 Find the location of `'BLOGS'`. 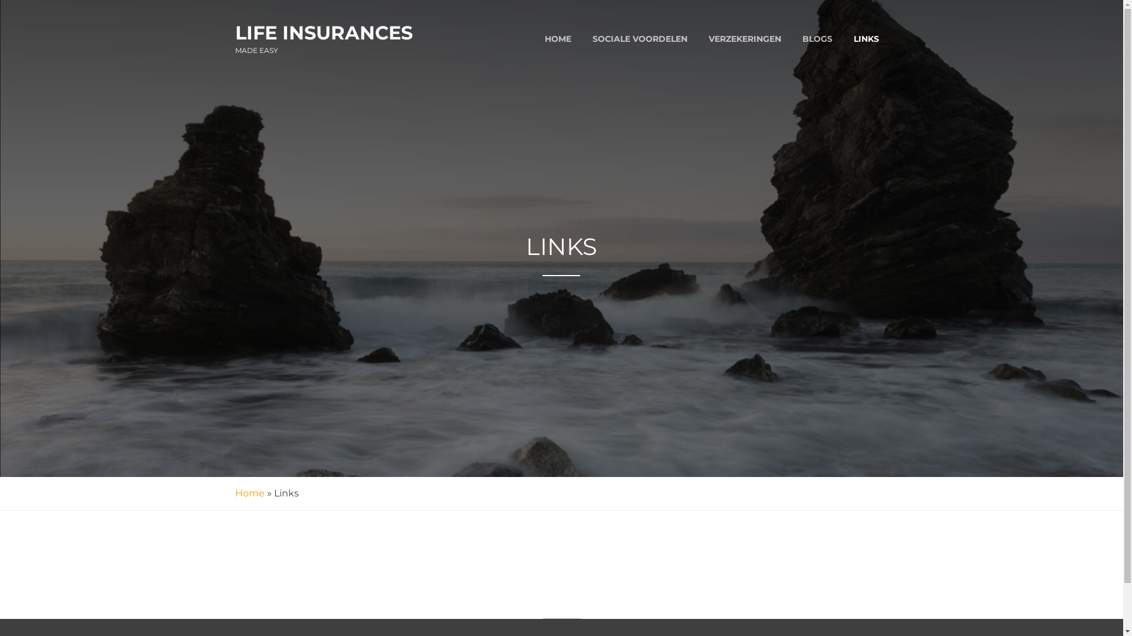

'BLOGS' is located at coordinates (816, 38).